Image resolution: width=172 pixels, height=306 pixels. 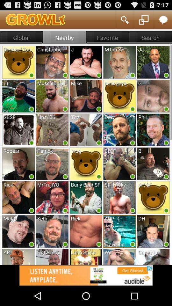 I want to click on the chat icon, so click(x=163, y=21).